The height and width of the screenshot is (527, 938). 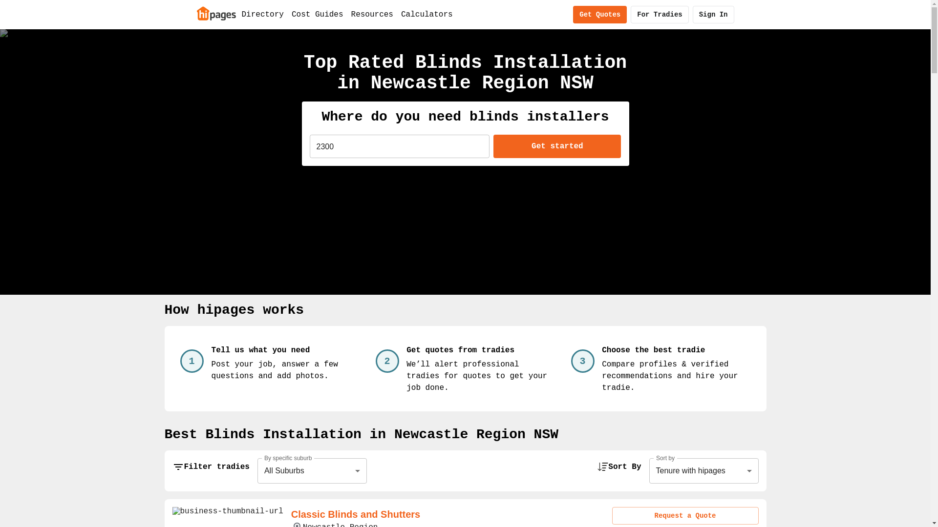 What do you see at coordinates (262, 15) in the screenshot?
I see `'Directory'` at bounding box center [262, 15].